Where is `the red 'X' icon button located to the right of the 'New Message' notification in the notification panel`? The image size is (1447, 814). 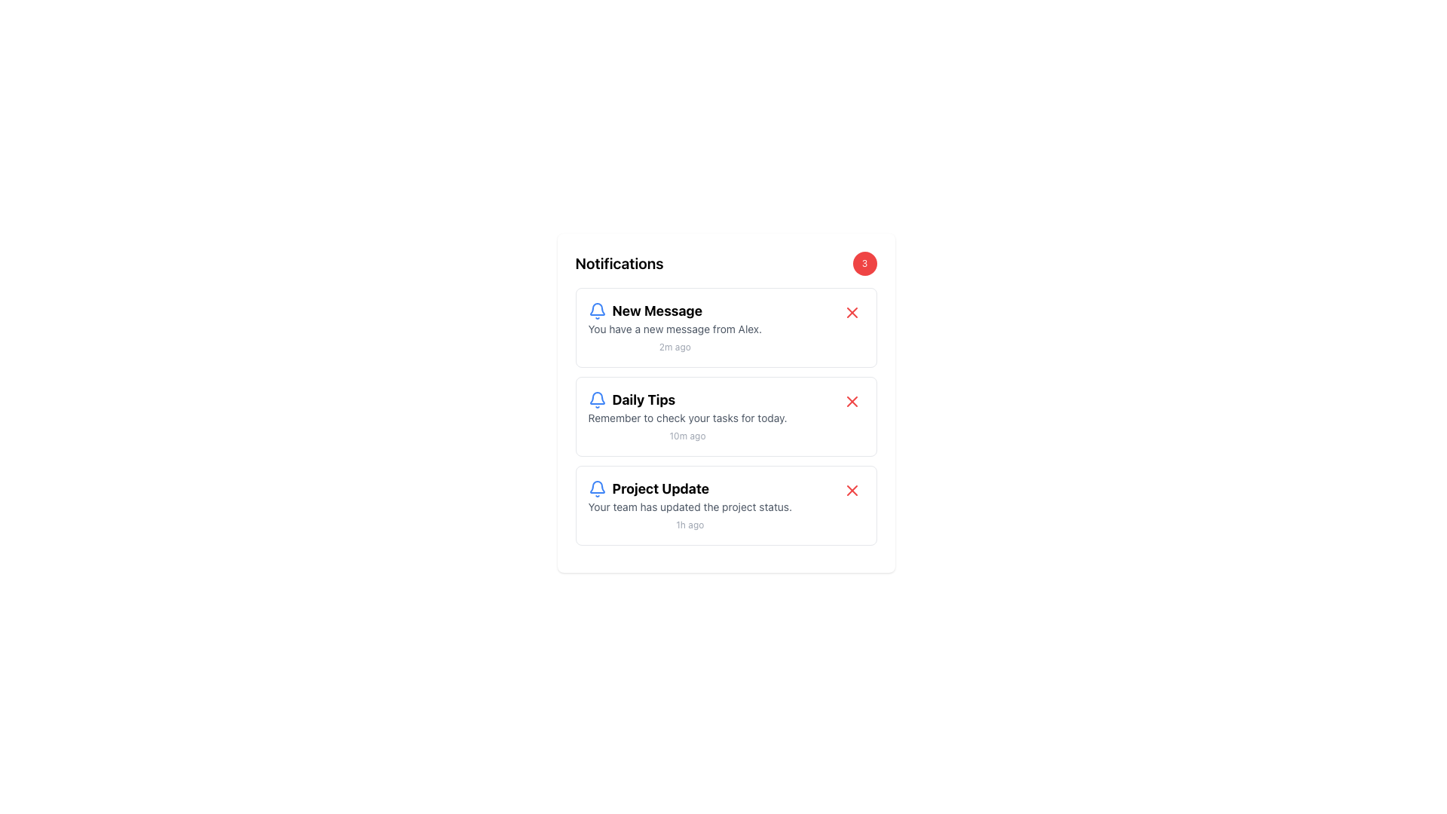 the red 'X' icon button located to the right of the 'New Message' notification in the notification panel is located at coordinates (852, 312).